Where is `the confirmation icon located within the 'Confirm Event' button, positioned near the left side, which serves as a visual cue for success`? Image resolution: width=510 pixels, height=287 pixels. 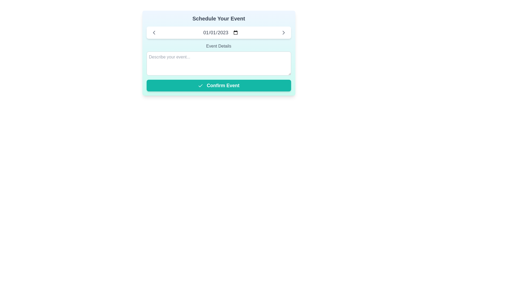 the confirmation icon located within the 'Confirm Event' button, positioned near the left side, which serves as a visual cue for success is located at coordinates (200, 85).